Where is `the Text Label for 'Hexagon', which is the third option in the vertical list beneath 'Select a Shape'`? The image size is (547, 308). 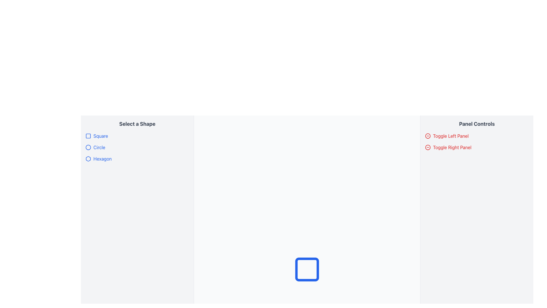 the Text Label for 'Hexagon', which is the third option in the vertical list beneath 'Select a Shape' is located at coordinates (103, 159).